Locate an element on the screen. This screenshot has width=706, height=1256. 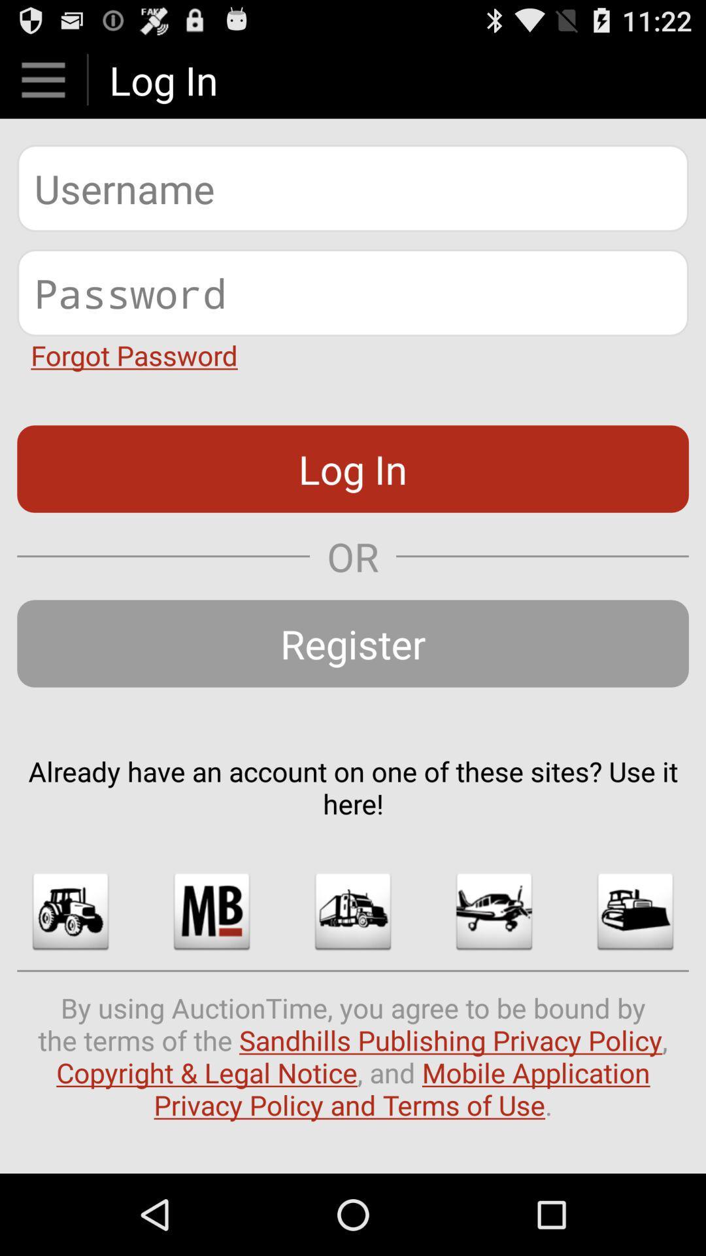
icon above the already have an app is located at coordinates (353, 643).